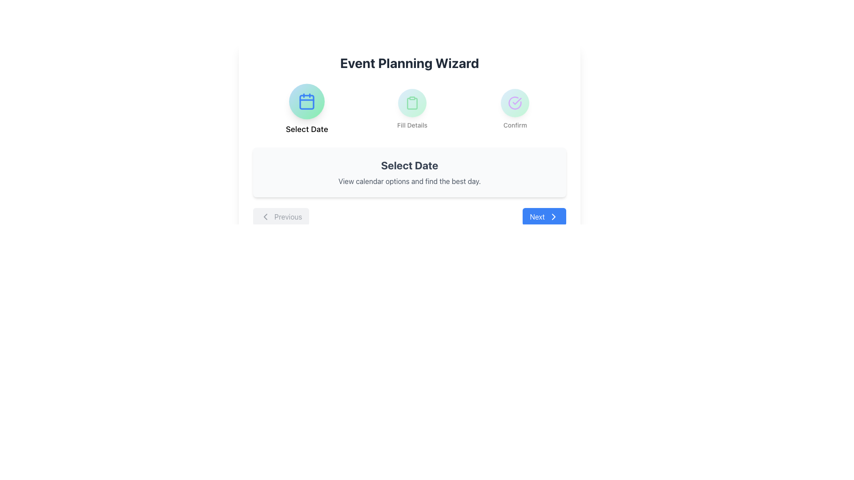 This screenshot has height=480, width=854. What do you see at coordinates (306, 109) in the screenshot?
I see `the leftmost Option button labeled 'Select Date' in the Event Planning Wizard` at bounding box center [306, 109].